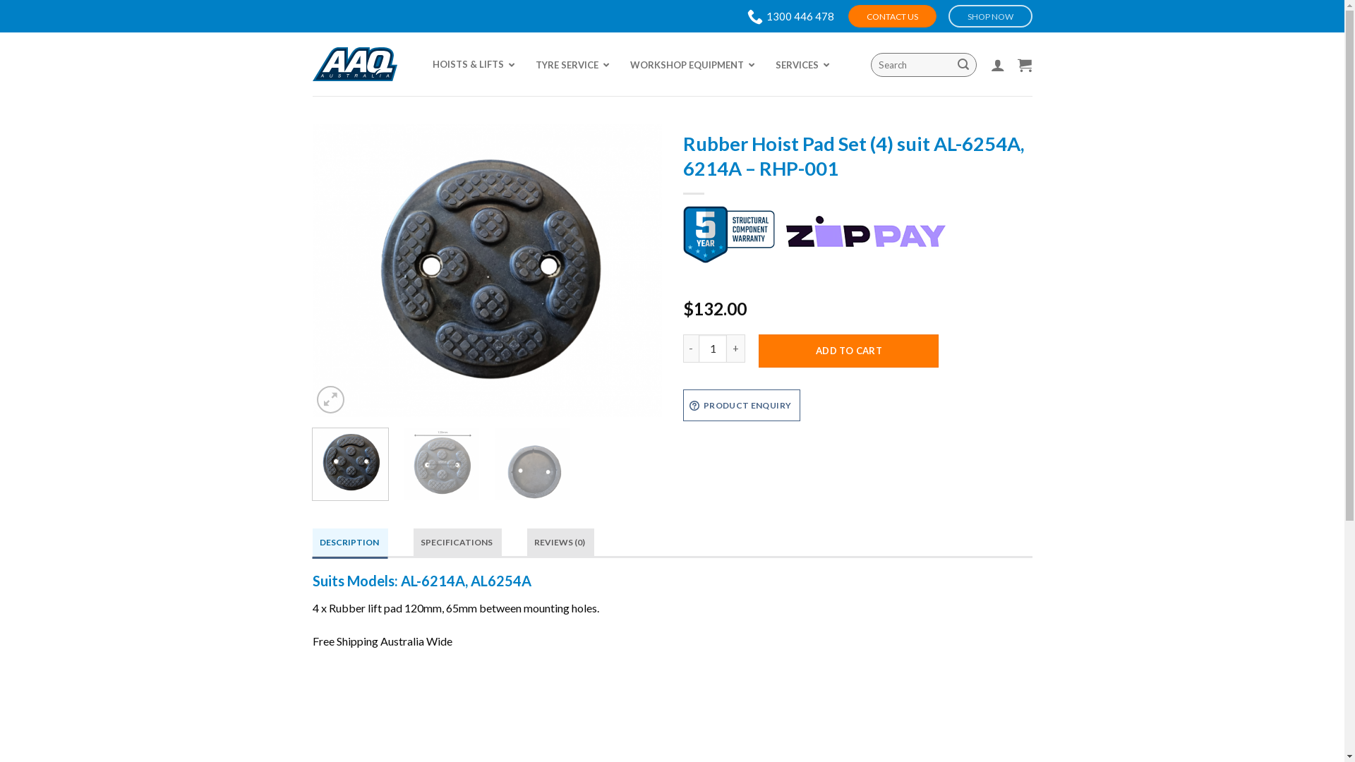 Image resolution: width=1355 pixels, height=762 pixels. Describe the element at coordinates (416, 65) in the screenshot. I see `'HOISTS & LIFTS'` at that location.